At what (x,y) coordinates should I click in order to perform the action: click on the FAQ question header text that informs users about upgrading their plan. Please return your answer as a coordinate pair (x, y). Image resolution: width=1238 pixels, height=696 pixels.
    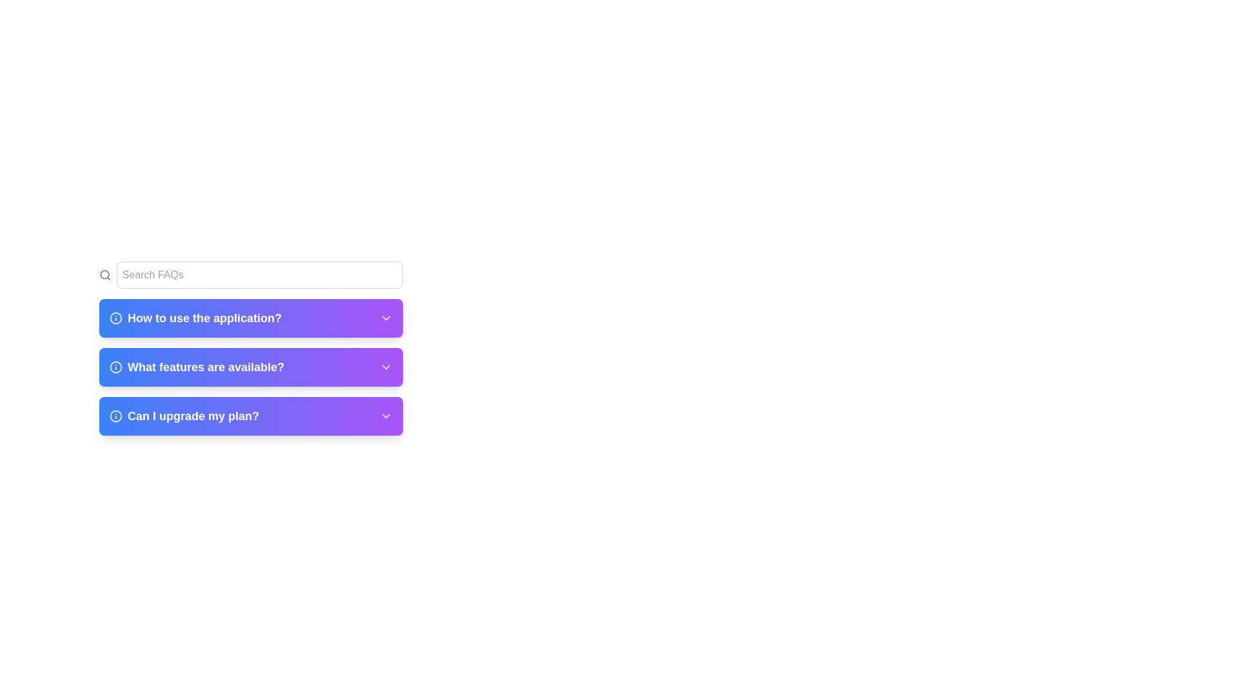
    Looking at the image, I should click on (184, 416).